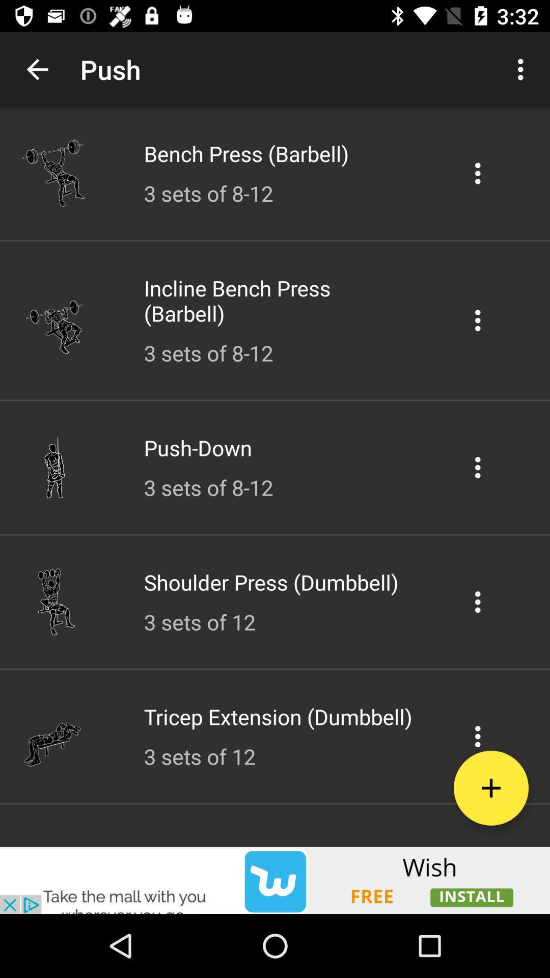 The image size is (550, 978). Describe the element at coordinates (490, 787) in the screenshot. I see `the new file` at that location.